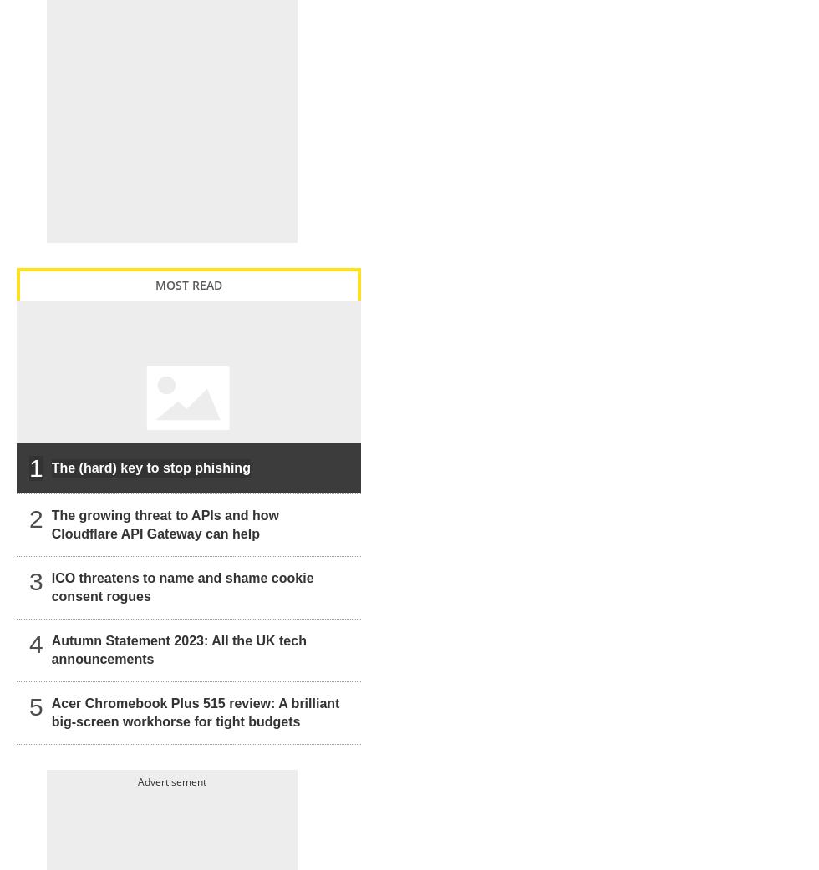 Image resolution: width=819 pixels, height=870 pixels. What do you see at coordinates (164, 524) in the screenshot?
I see `'The growing threat to APIs and how Cloudflare API Gateway can help'` at bounding box center [164, 524].